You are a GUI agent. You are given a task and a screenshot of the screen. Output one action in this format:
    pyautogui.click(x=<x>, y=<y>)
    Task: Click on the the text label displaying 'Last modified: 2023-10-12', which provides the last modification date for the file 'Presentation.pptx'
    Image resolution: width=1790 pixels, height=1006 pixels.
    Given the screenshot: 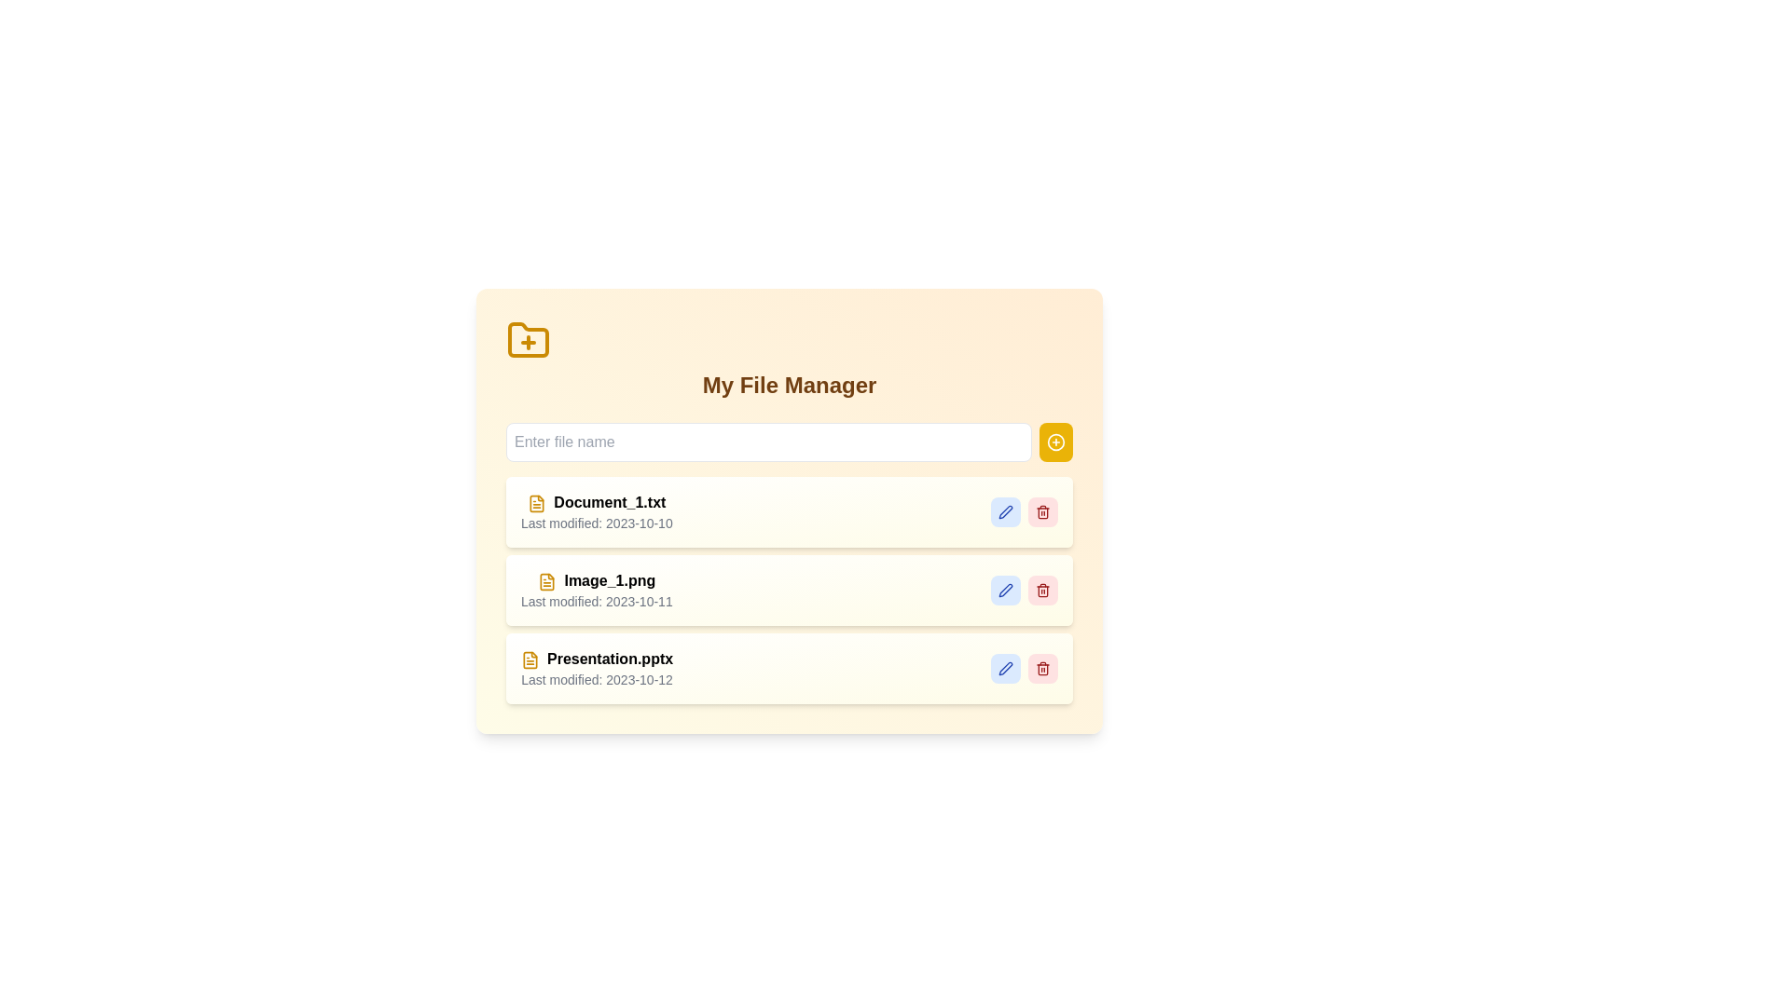 What is the action you would take?
    pyautogui.click(x=597, y=679)
    